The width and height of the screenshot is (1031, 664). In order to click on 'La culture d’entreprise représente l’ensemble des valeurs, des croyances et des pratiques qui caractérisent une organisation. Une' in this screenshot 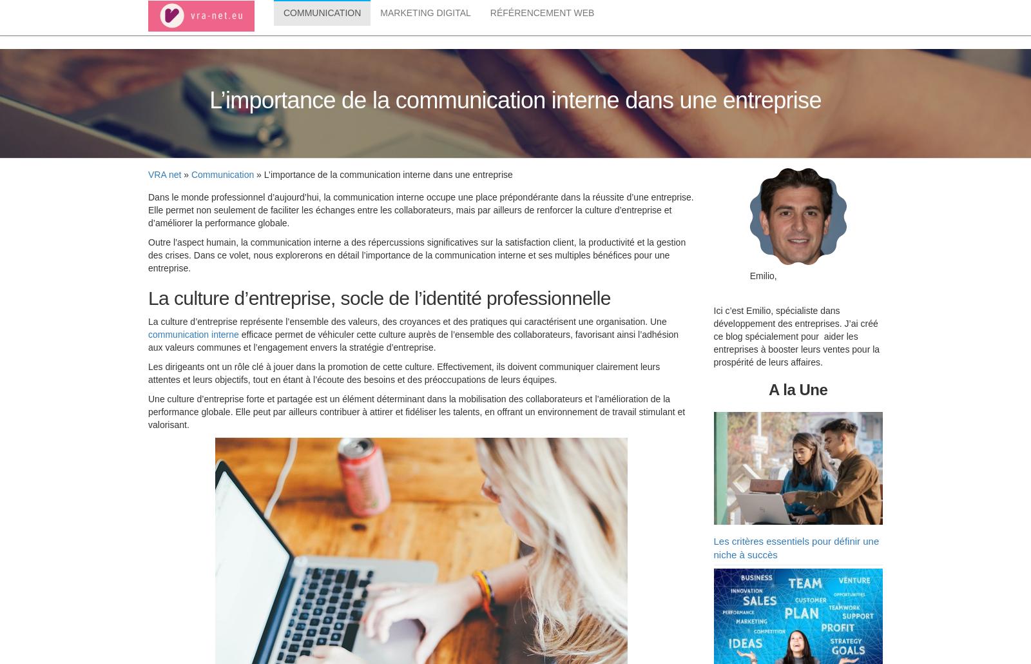, I will do `click(148, 323)`.